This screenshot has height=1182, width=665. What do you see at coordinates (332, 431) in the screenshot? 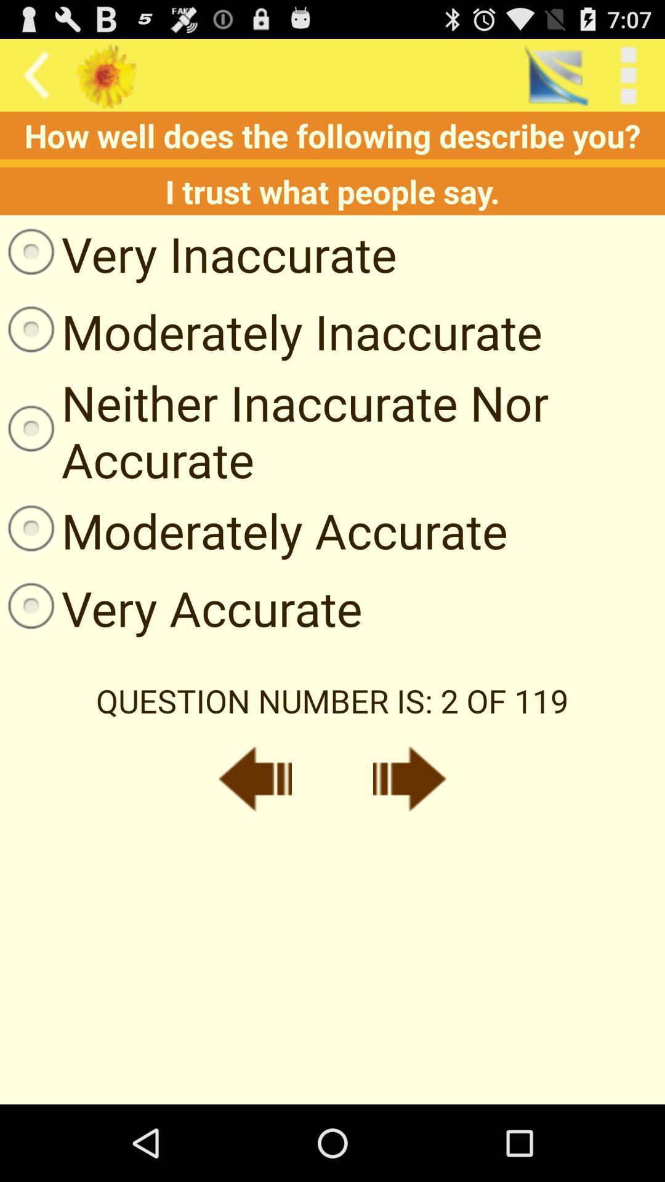
I see `the icon below the moderately inaccurate icon` at bounding box center [332, 431].